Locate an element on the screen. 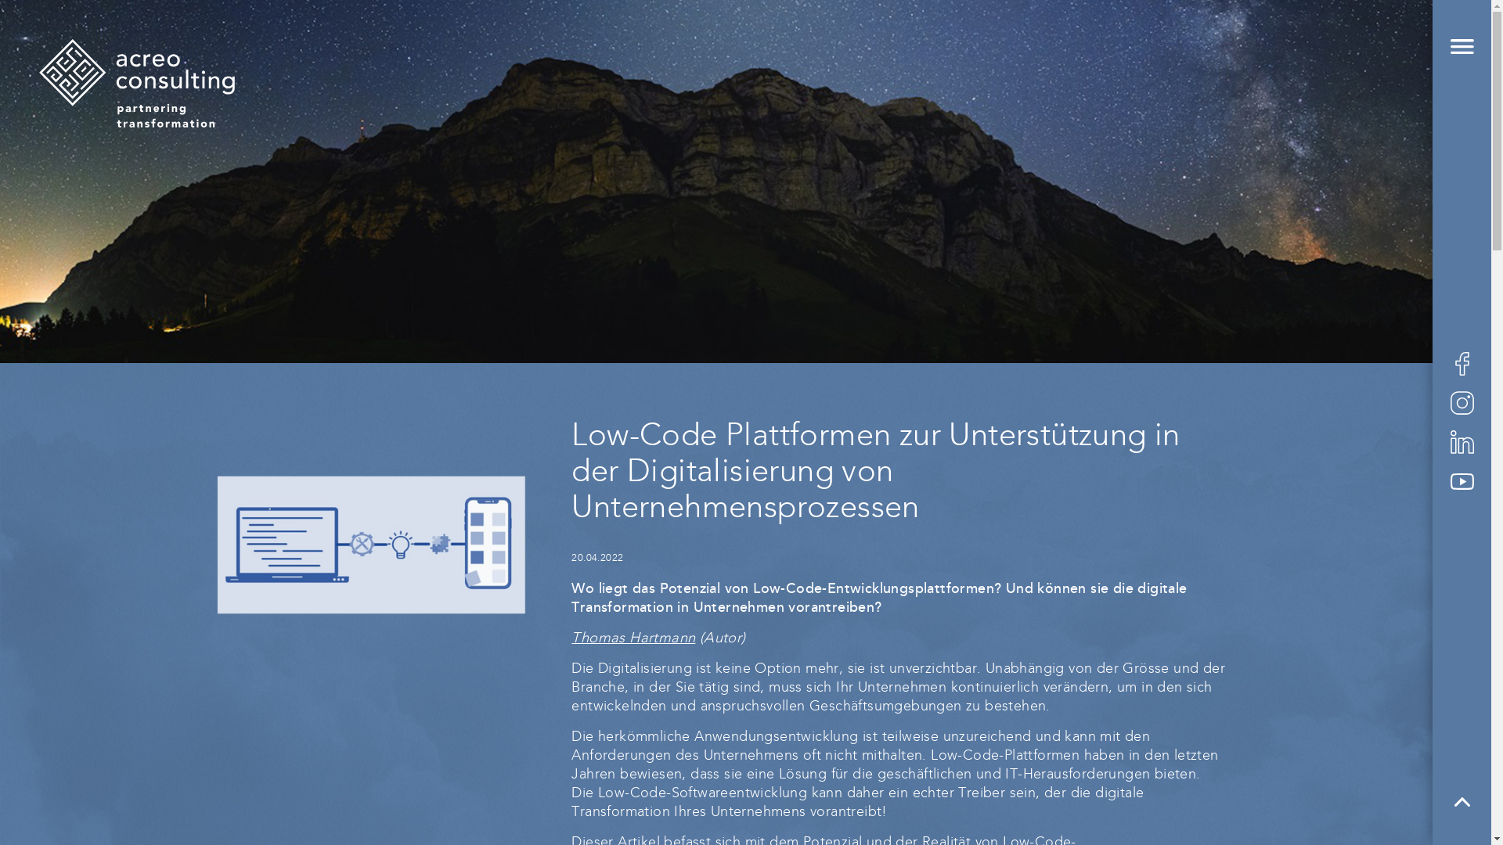 This screenshot has width=1503, height=845. 'acreo consulting bei Instagram' is located at coordinates (1461, 402).